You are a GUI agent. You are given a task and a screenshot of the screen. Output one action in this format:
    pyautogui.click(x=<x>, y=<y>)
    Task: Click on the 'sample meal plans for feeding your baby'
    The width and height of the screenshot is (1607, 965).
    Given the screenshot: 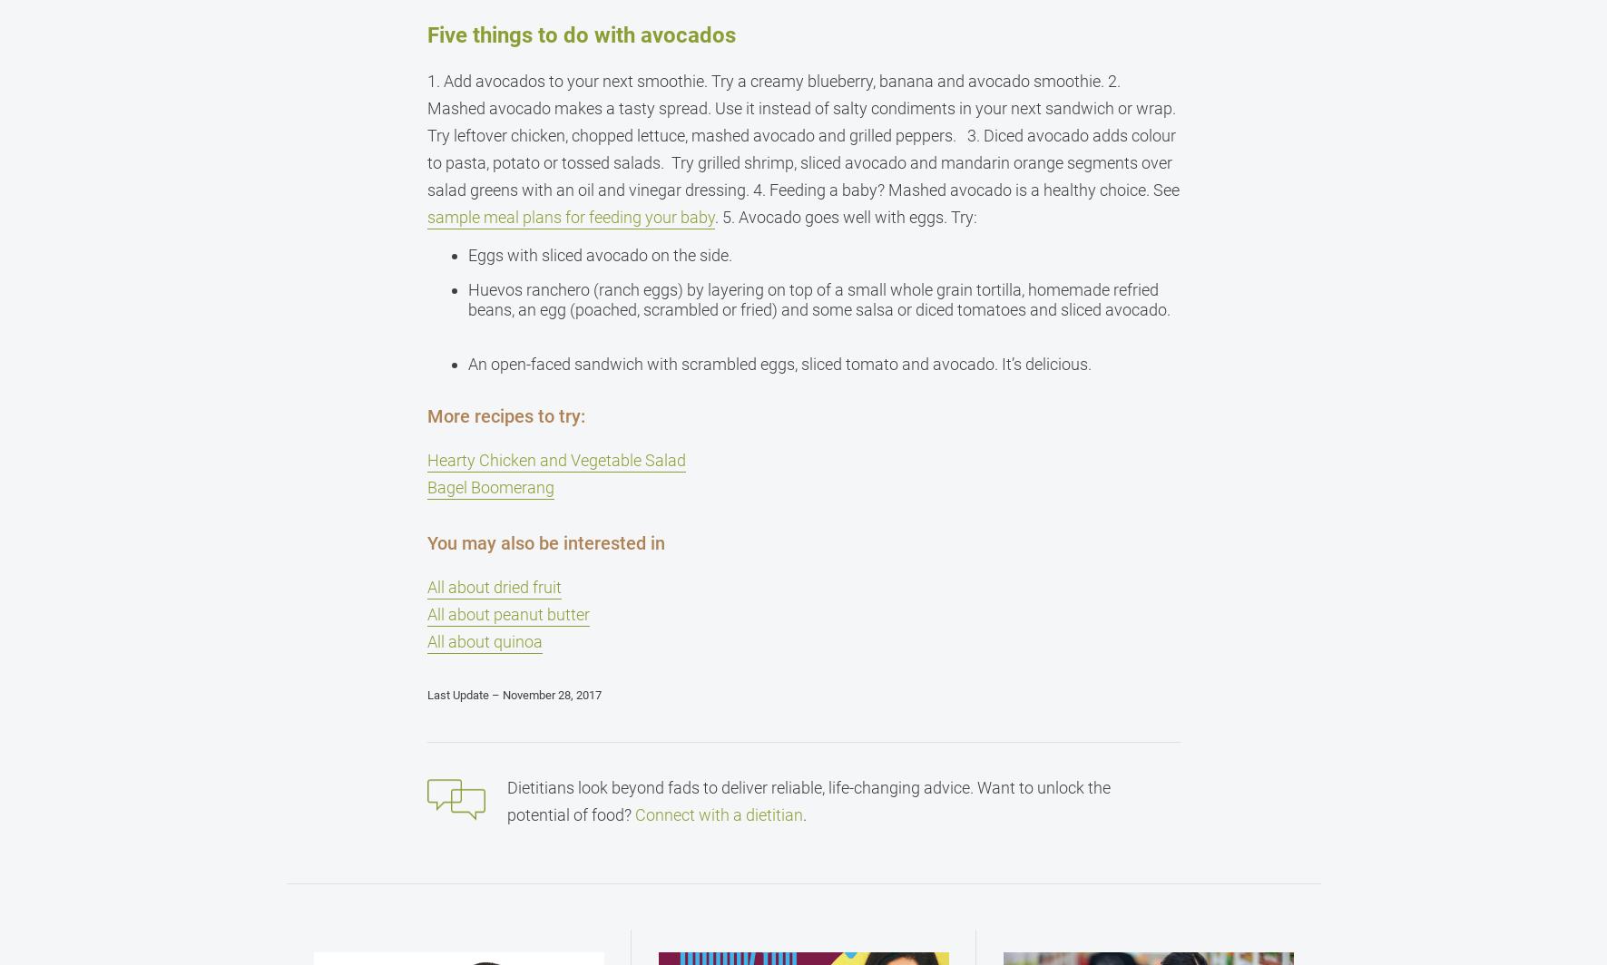 What is the action you would take?
    pyautogui.click(x=426, y=217)
    